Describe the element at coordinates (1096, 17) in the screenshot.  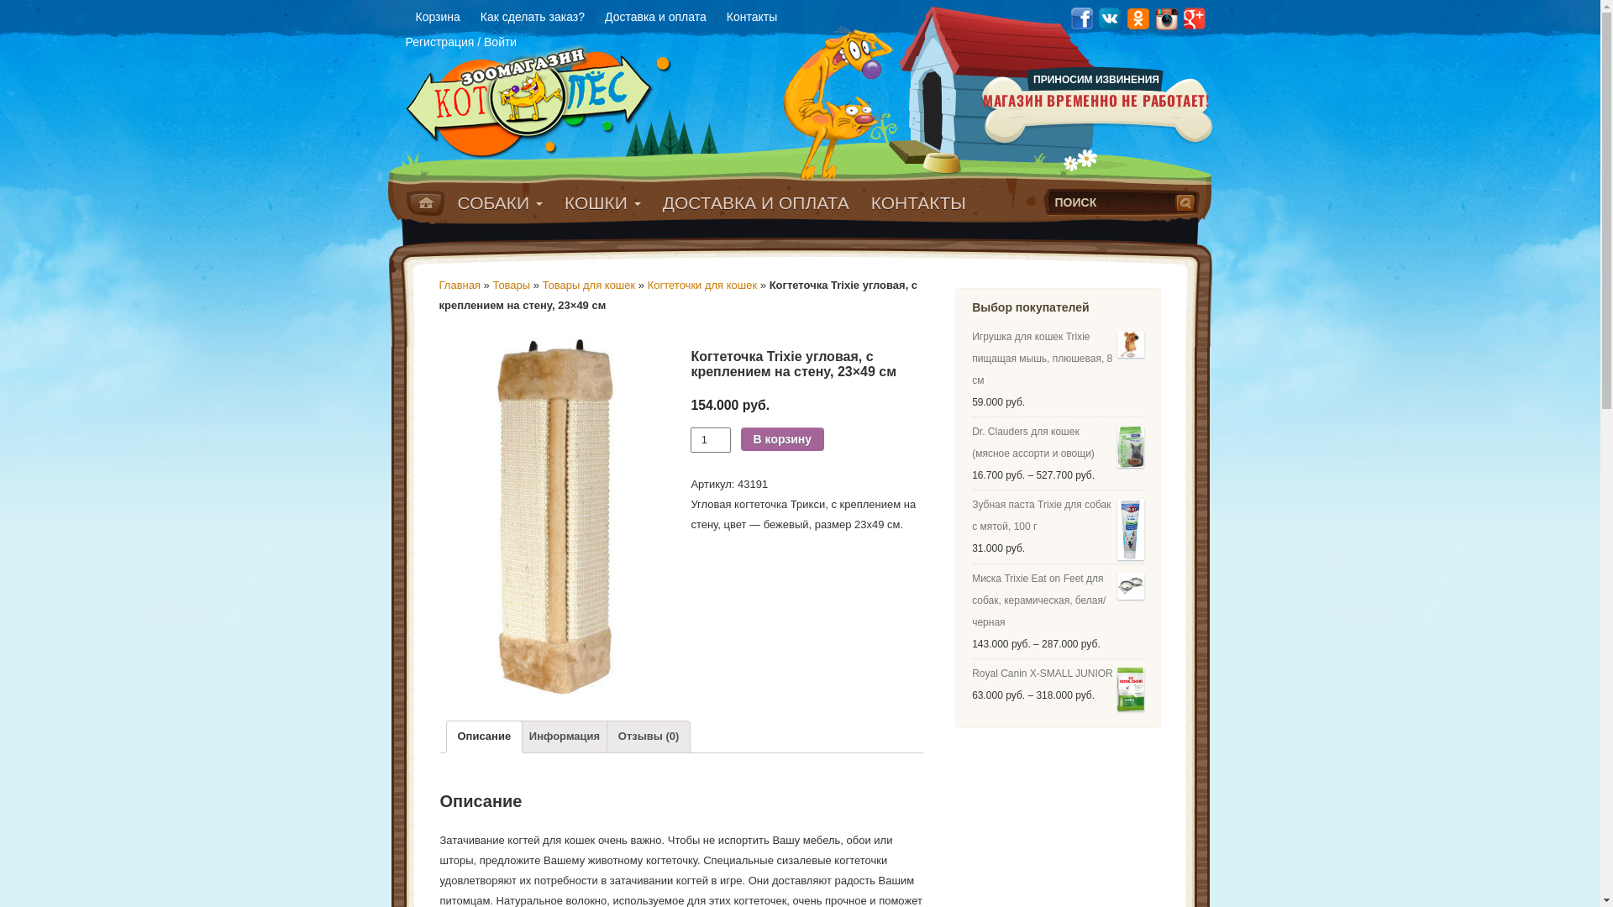
I see `'Vkontakte'` at that location.